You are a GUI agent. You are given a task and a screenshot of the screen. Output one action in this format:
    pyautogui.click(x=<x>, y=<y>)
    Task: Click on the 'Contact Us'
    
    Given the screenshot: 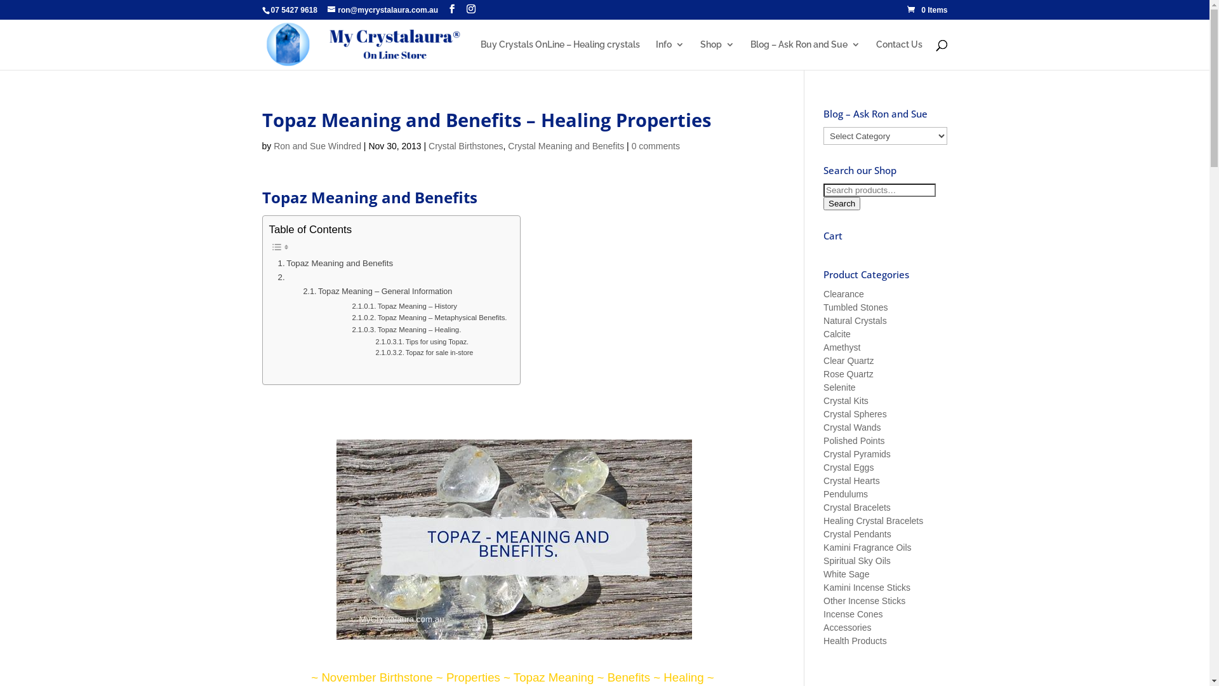 What is the action you would take?
    pyautogui.click(x=898, y=54)
    